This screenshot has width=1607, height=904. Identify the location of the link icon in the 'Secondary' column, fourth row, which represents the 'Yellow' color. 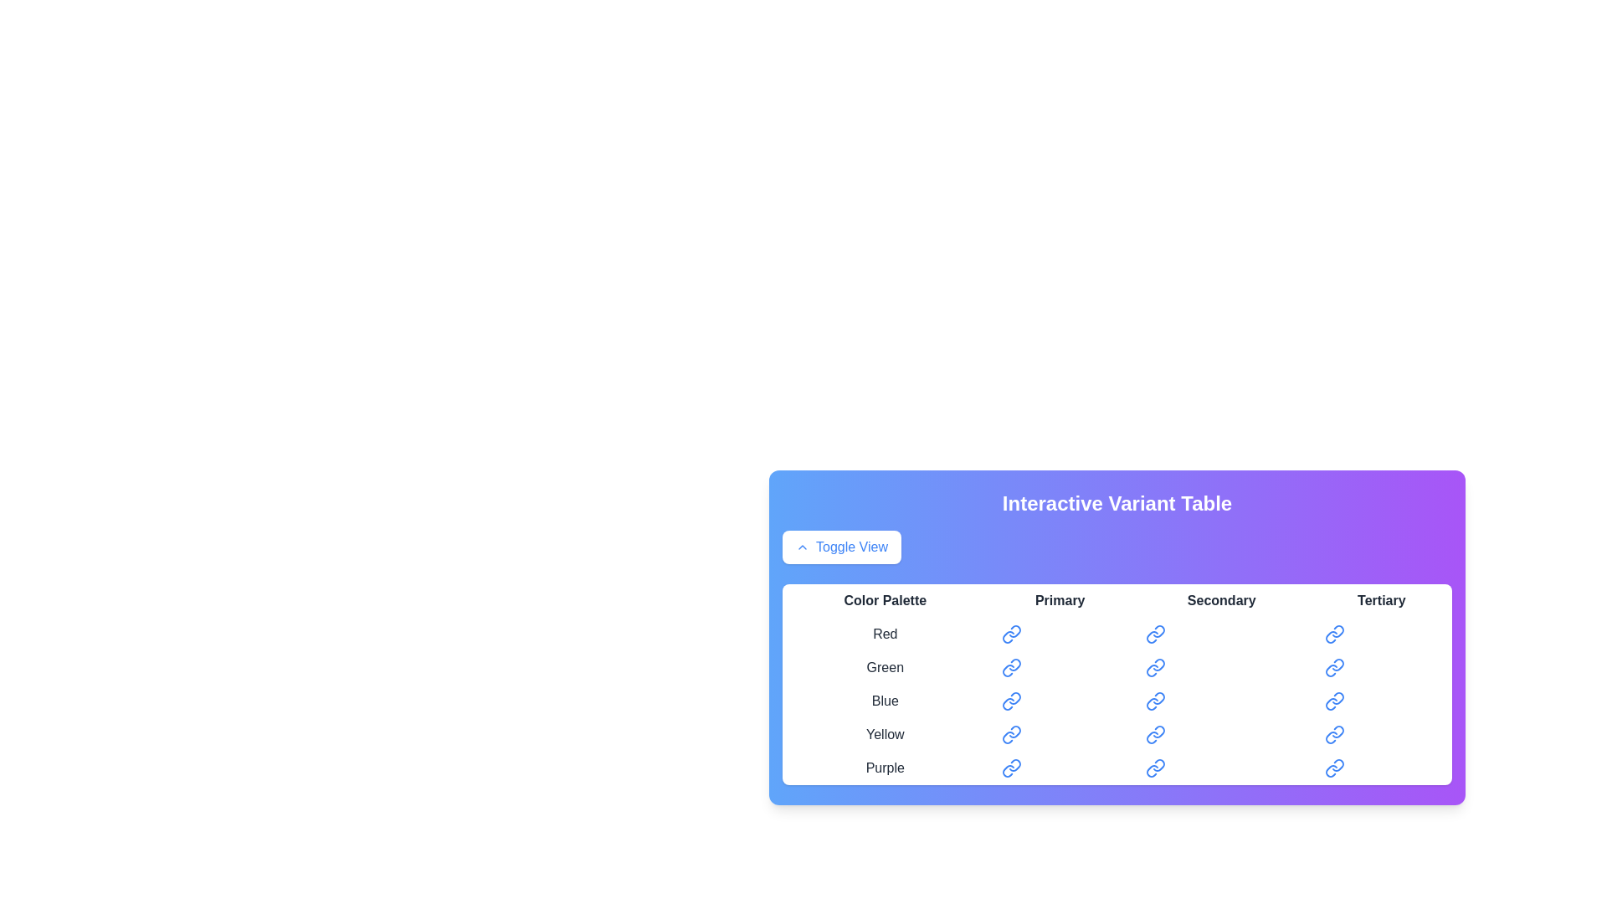
(1151, 736).